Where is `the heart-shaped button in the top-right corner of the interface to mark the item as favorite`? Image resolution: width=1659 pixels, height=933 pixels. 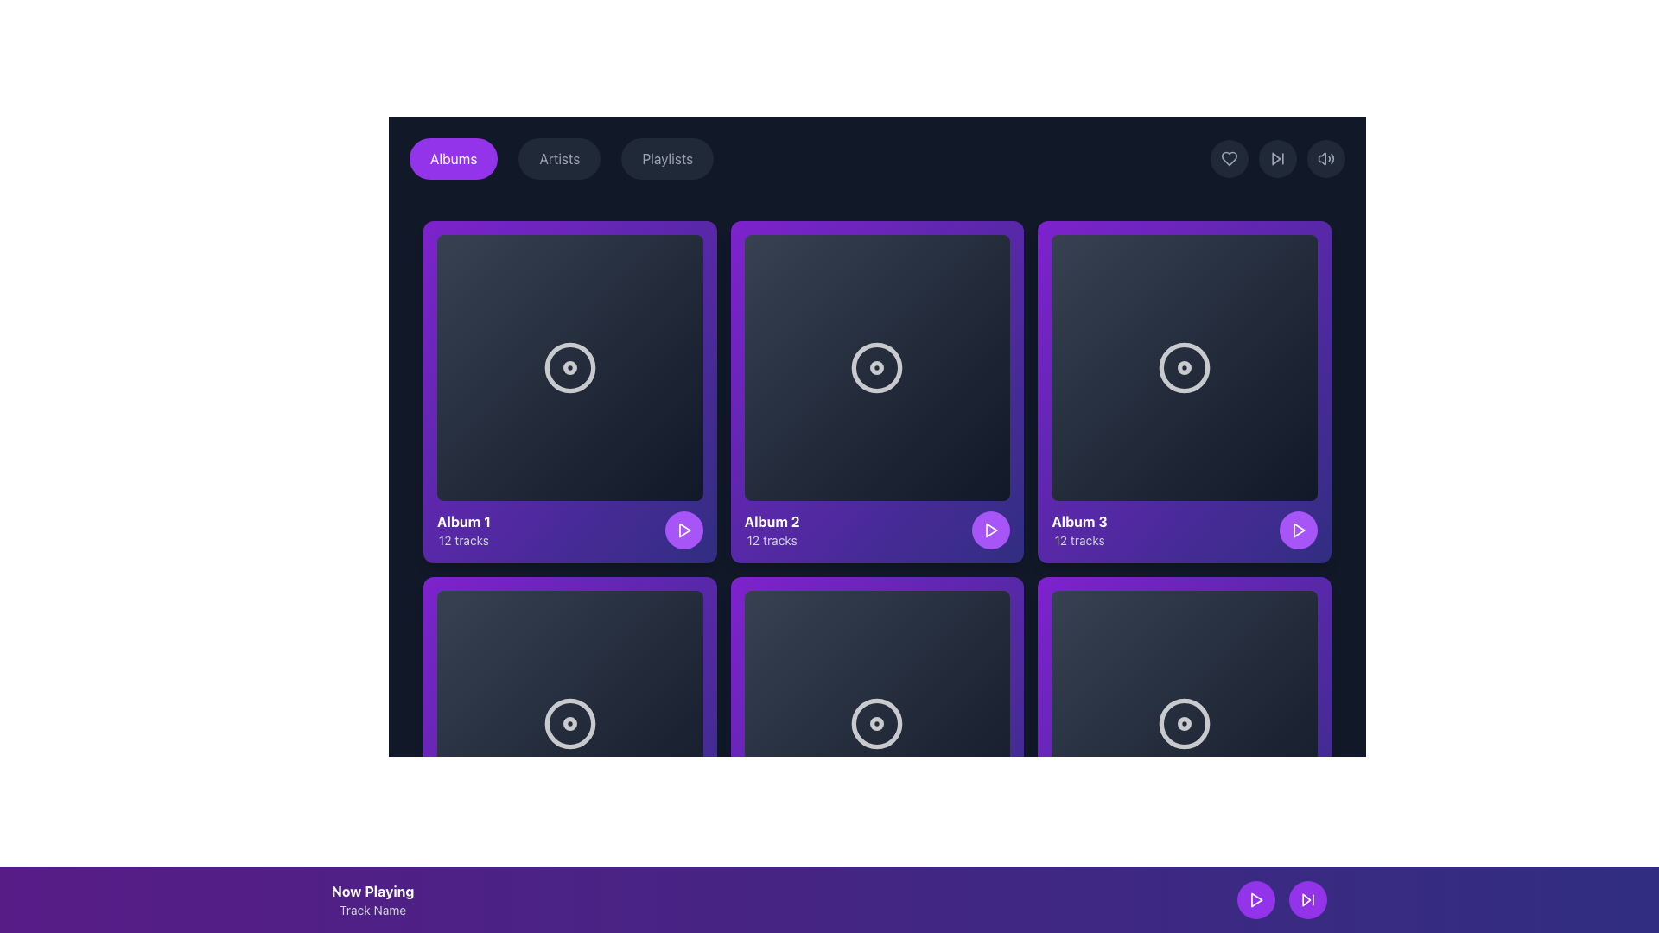 the heart-shaped button in the top-right corner of the interface to mark the item as favorite is located at coordinates (1228, 159).